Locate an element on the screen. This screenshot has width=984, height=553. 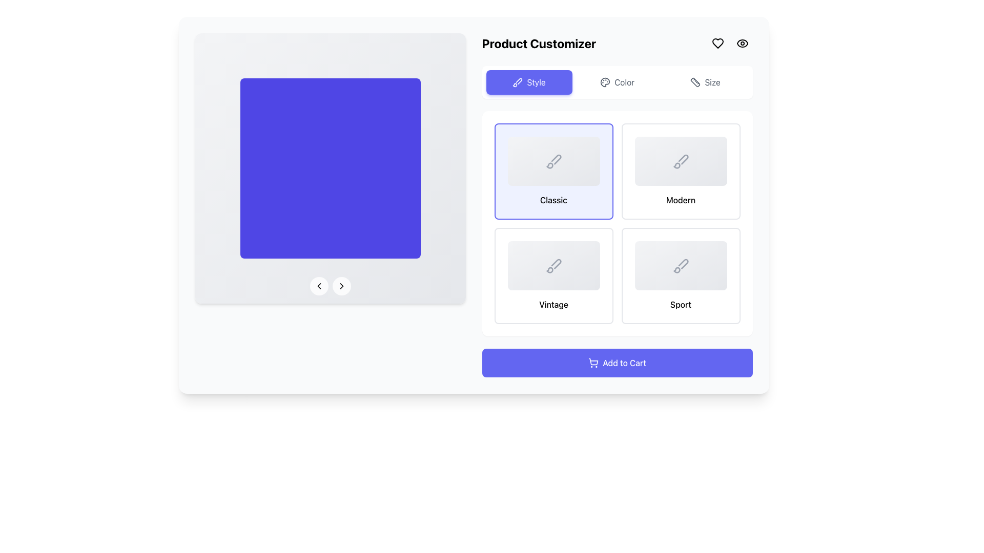
the 'Size' button, which is styled with a rounded rectangle outline and features a ruler icon is located at coordinates (705, 82).